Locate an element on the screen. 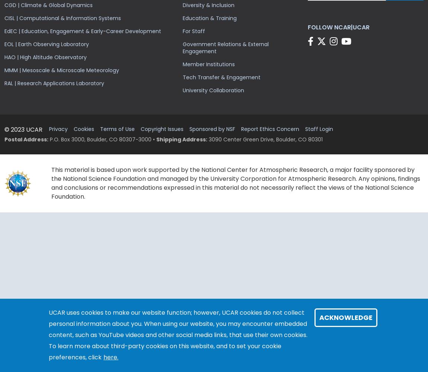 This screenshot has height=372, width=428. 'CGD | Climate & Global Dynamics' is located at coordinates (48, 5).